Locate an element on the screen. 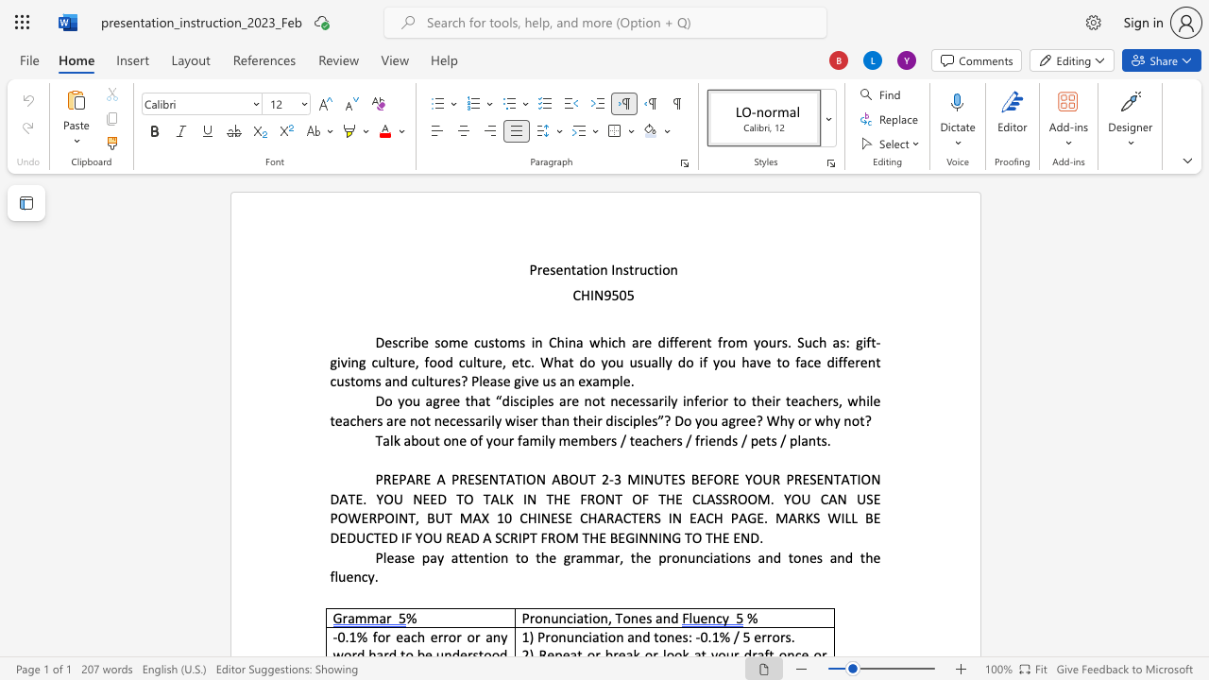  the 2th character "c" in the text is located at coordinates (365, 575).